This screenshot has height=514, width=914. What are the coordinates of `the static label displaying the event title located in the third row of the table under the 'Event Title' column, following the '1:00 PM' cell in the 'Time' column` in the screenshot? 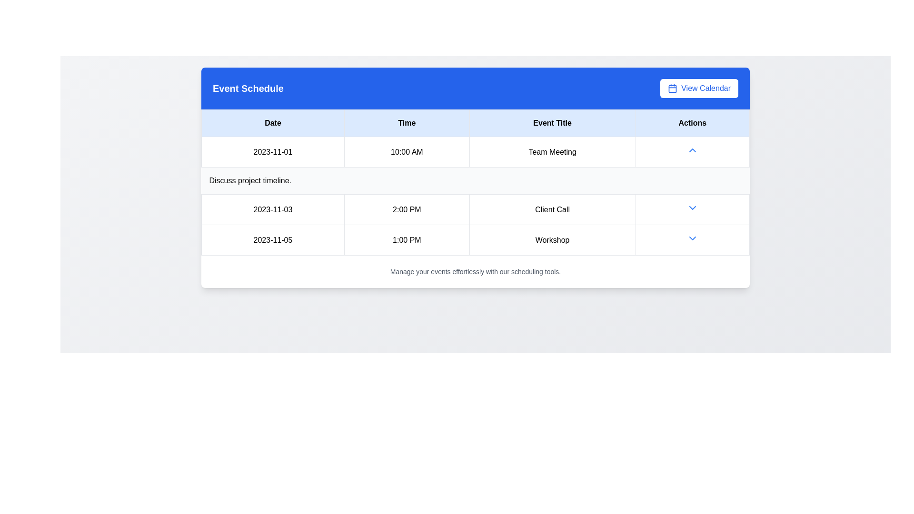 It's located at (552, 239).